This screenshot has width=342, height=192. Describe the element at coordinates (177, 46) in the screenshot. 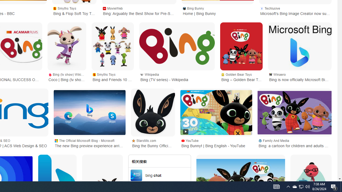

I see `'Bing (TV series) - Wikipedia'` at that location.